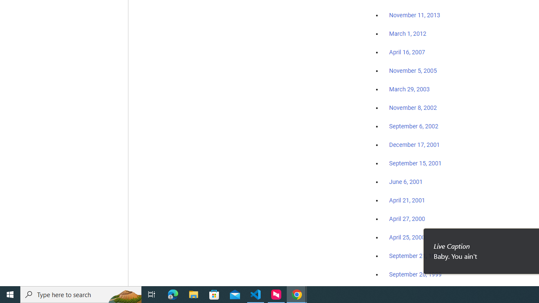  I want to click on 'September 20, 1999', so click(415, 274).